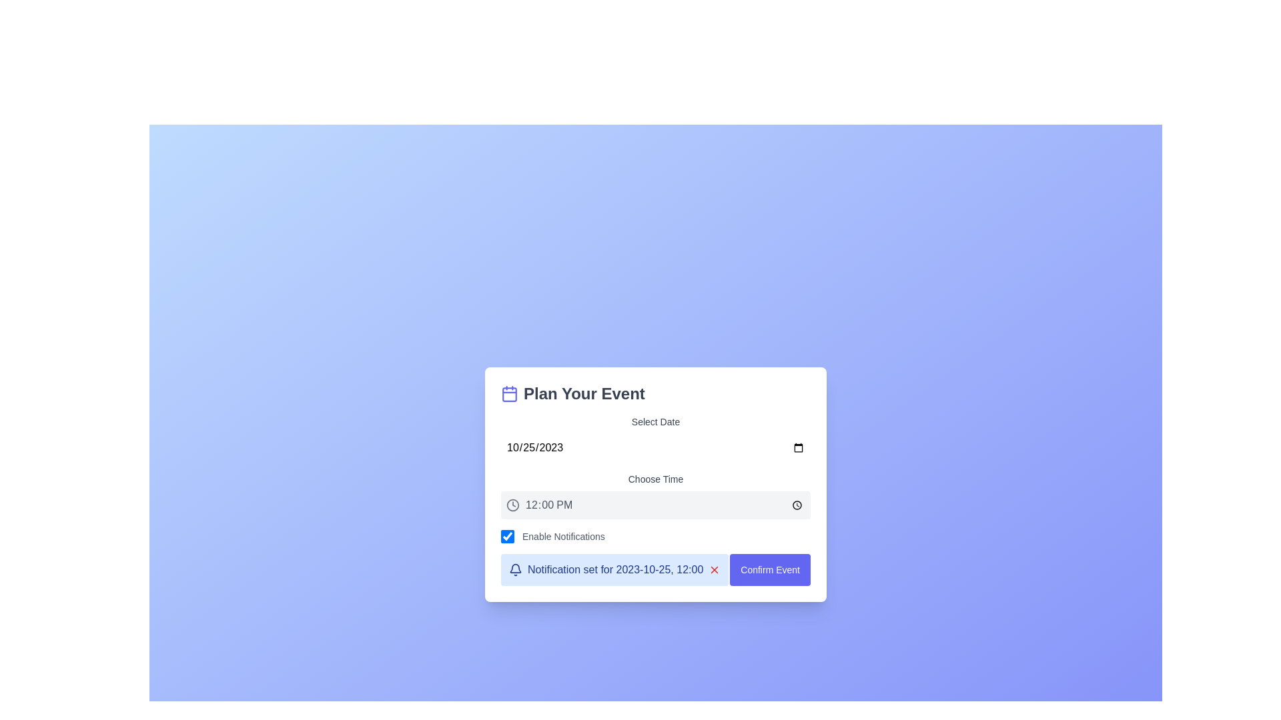  Describe the element at coordinates (656, 421) in the screenshot. I see `the text label displaying 'Select Date' in gray color, located at the top center of the 'Plan Your Event' panel` at that location.